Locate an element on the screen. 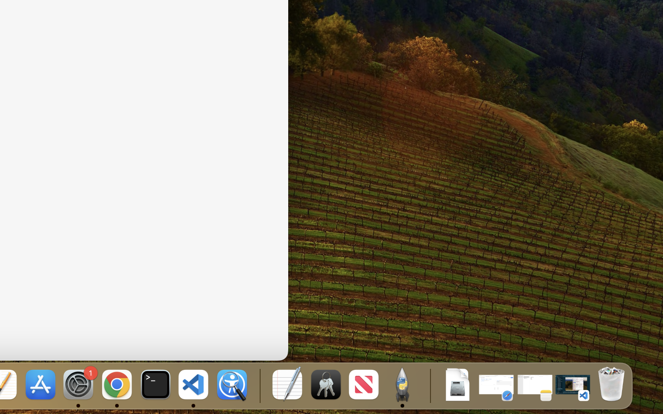 This screenshot has width=663, height=414. '0.4285714328289032' is located at coordinates (259, 385).